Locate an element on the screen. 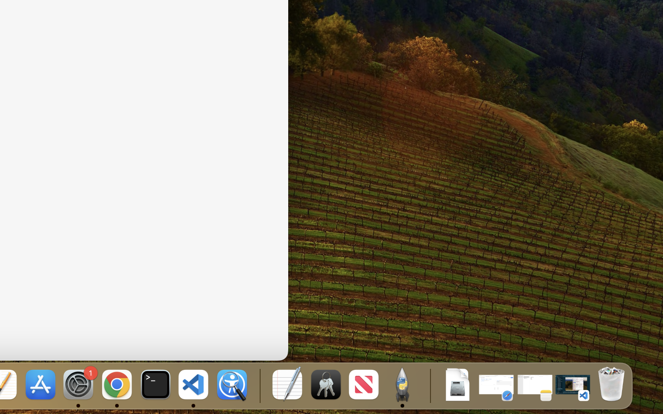 This screenshot has width=663, height=414. '0.4285714328289032' is located at coordinates (259, 385).